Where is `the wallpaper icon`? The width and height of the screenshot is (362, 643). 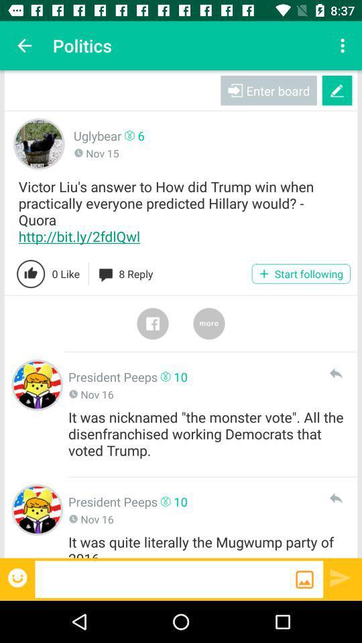 the wallpaper icon is located at coordinates (304, 579).